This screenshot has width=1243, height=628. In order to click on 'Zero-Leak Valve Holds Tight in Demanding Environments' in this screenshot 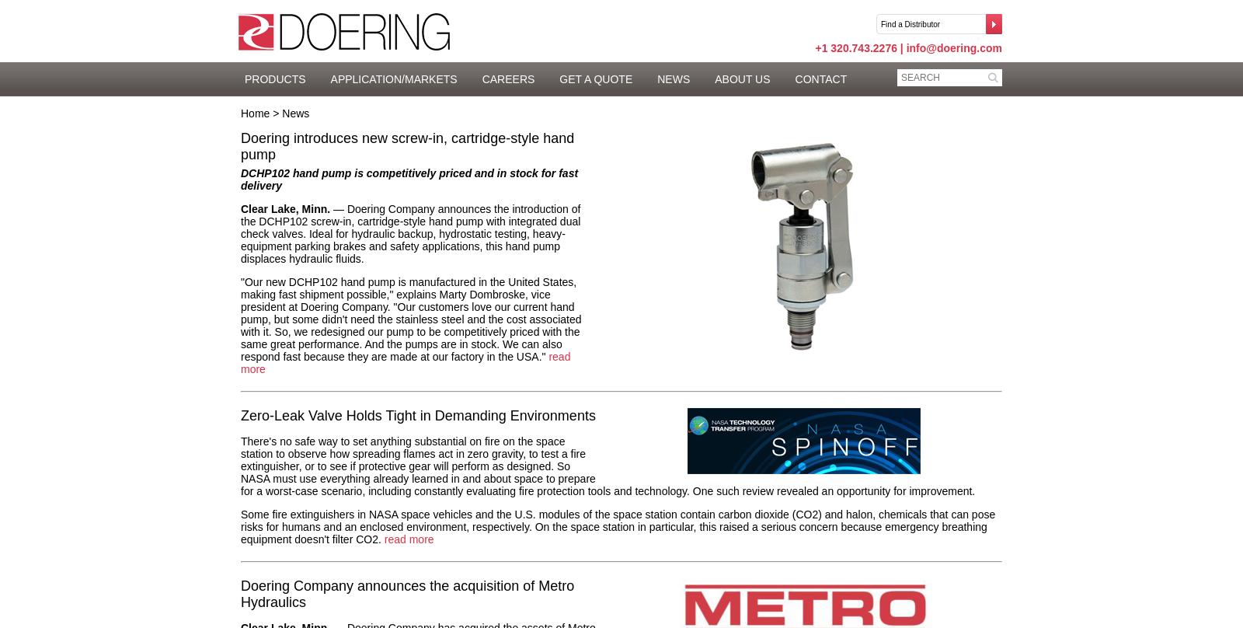, I will do `click(416, 414)`.